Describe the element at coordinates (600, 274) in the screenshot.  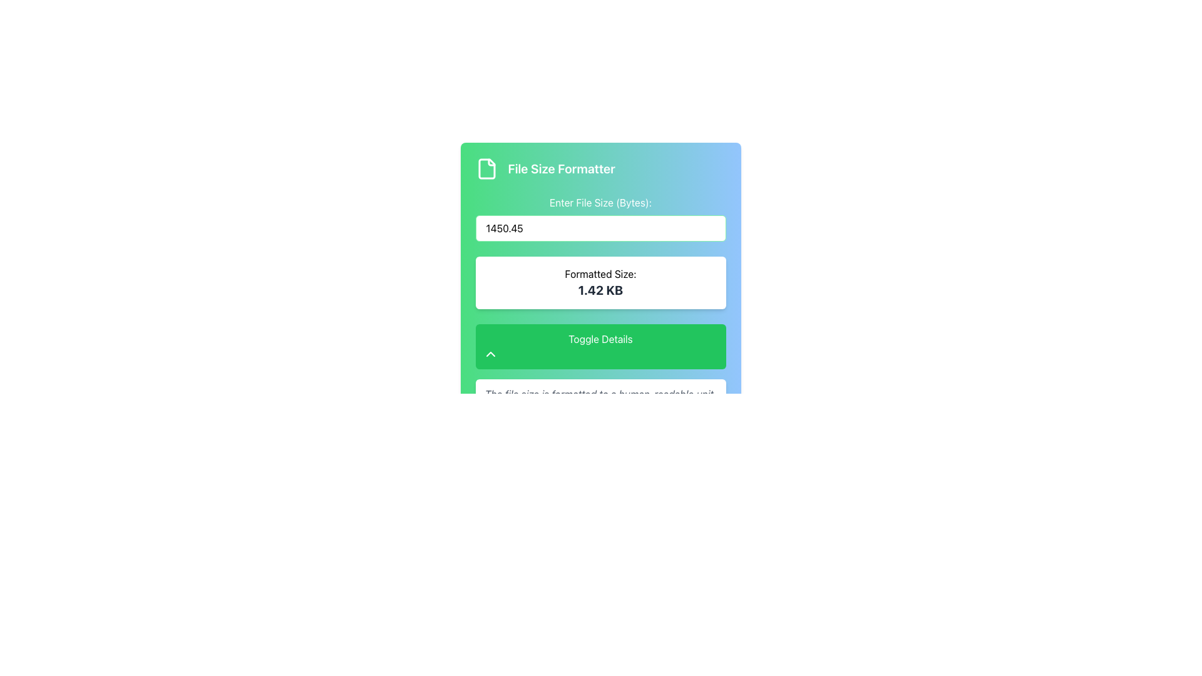
I see `the Text Label that provides context to the formatted size value displayed beneath it, positioned above the bold text '1.42 KB'` at that location.